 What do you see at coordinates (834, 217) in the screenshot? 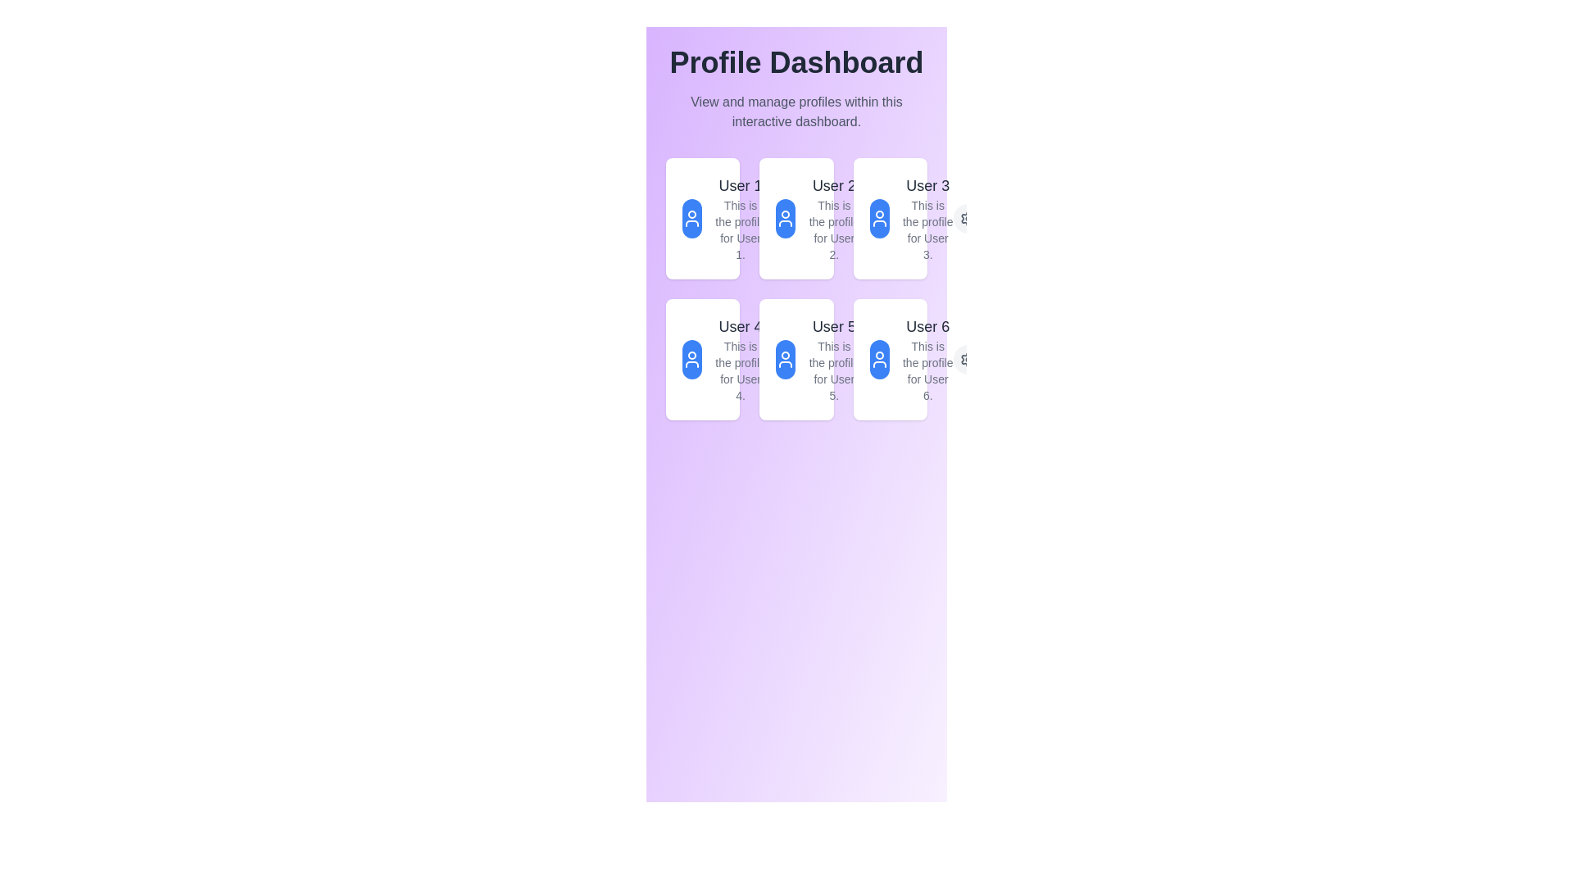
I see `information from the textual information block displaying 'User 2' and 'This is the profile for User 2.'` at bounding box center [834, 217].